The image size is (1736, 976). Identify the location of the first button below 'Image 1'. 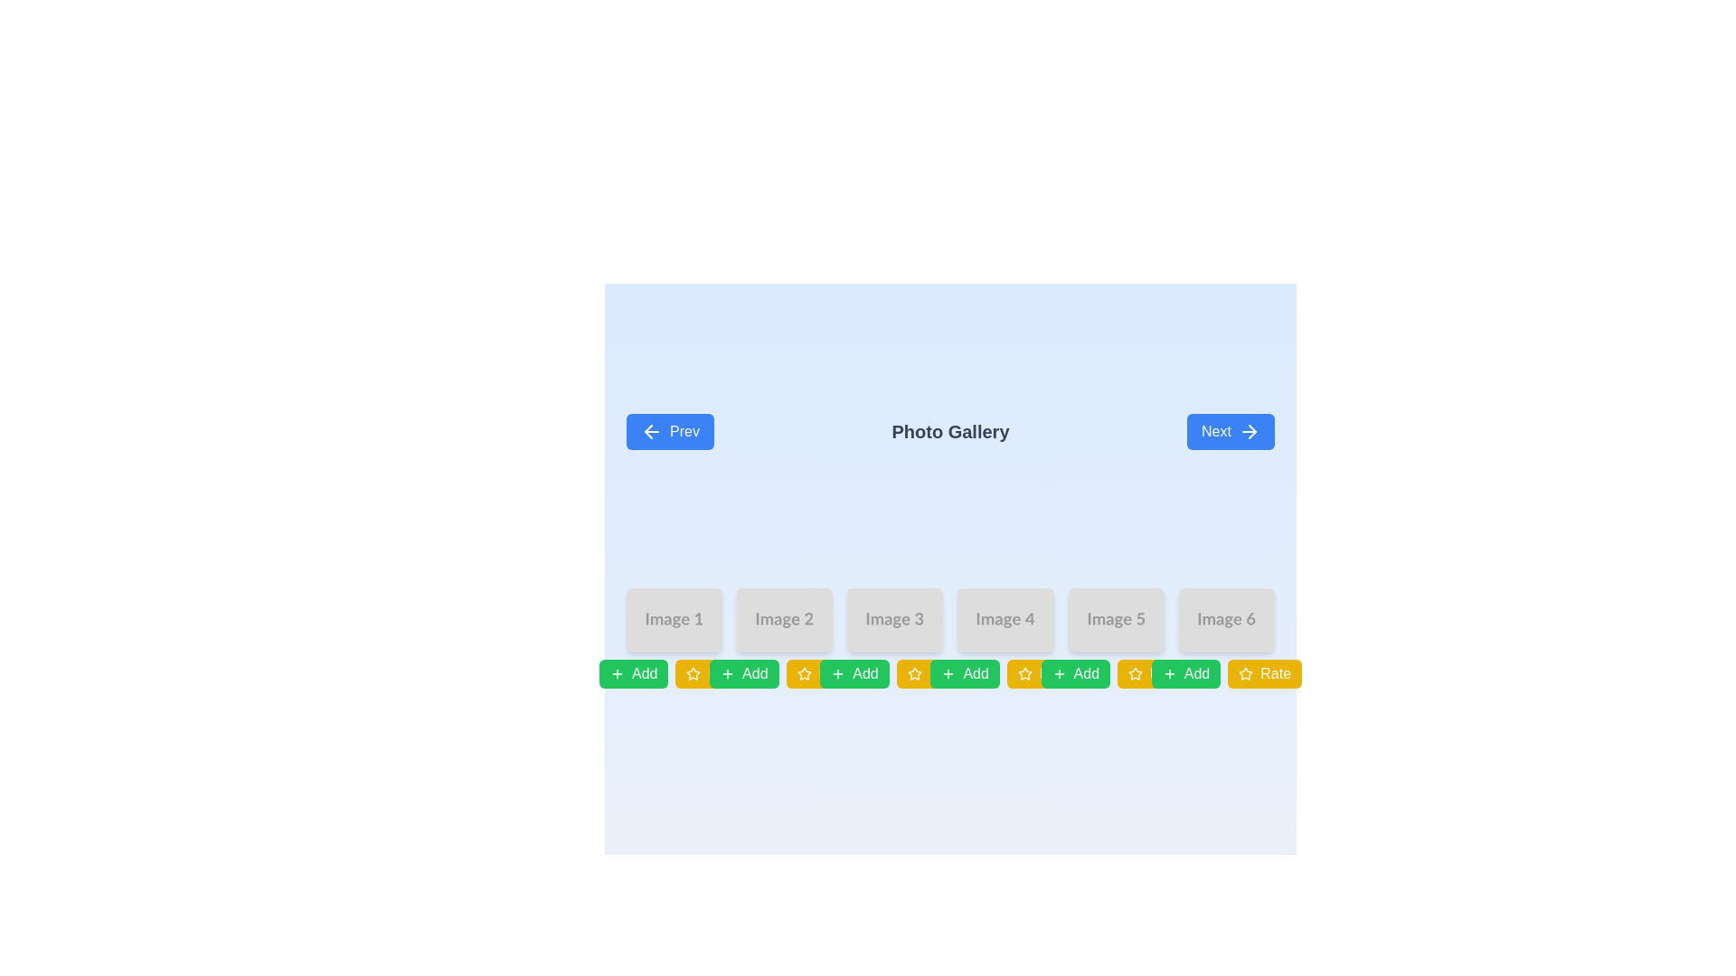
(645, 673).